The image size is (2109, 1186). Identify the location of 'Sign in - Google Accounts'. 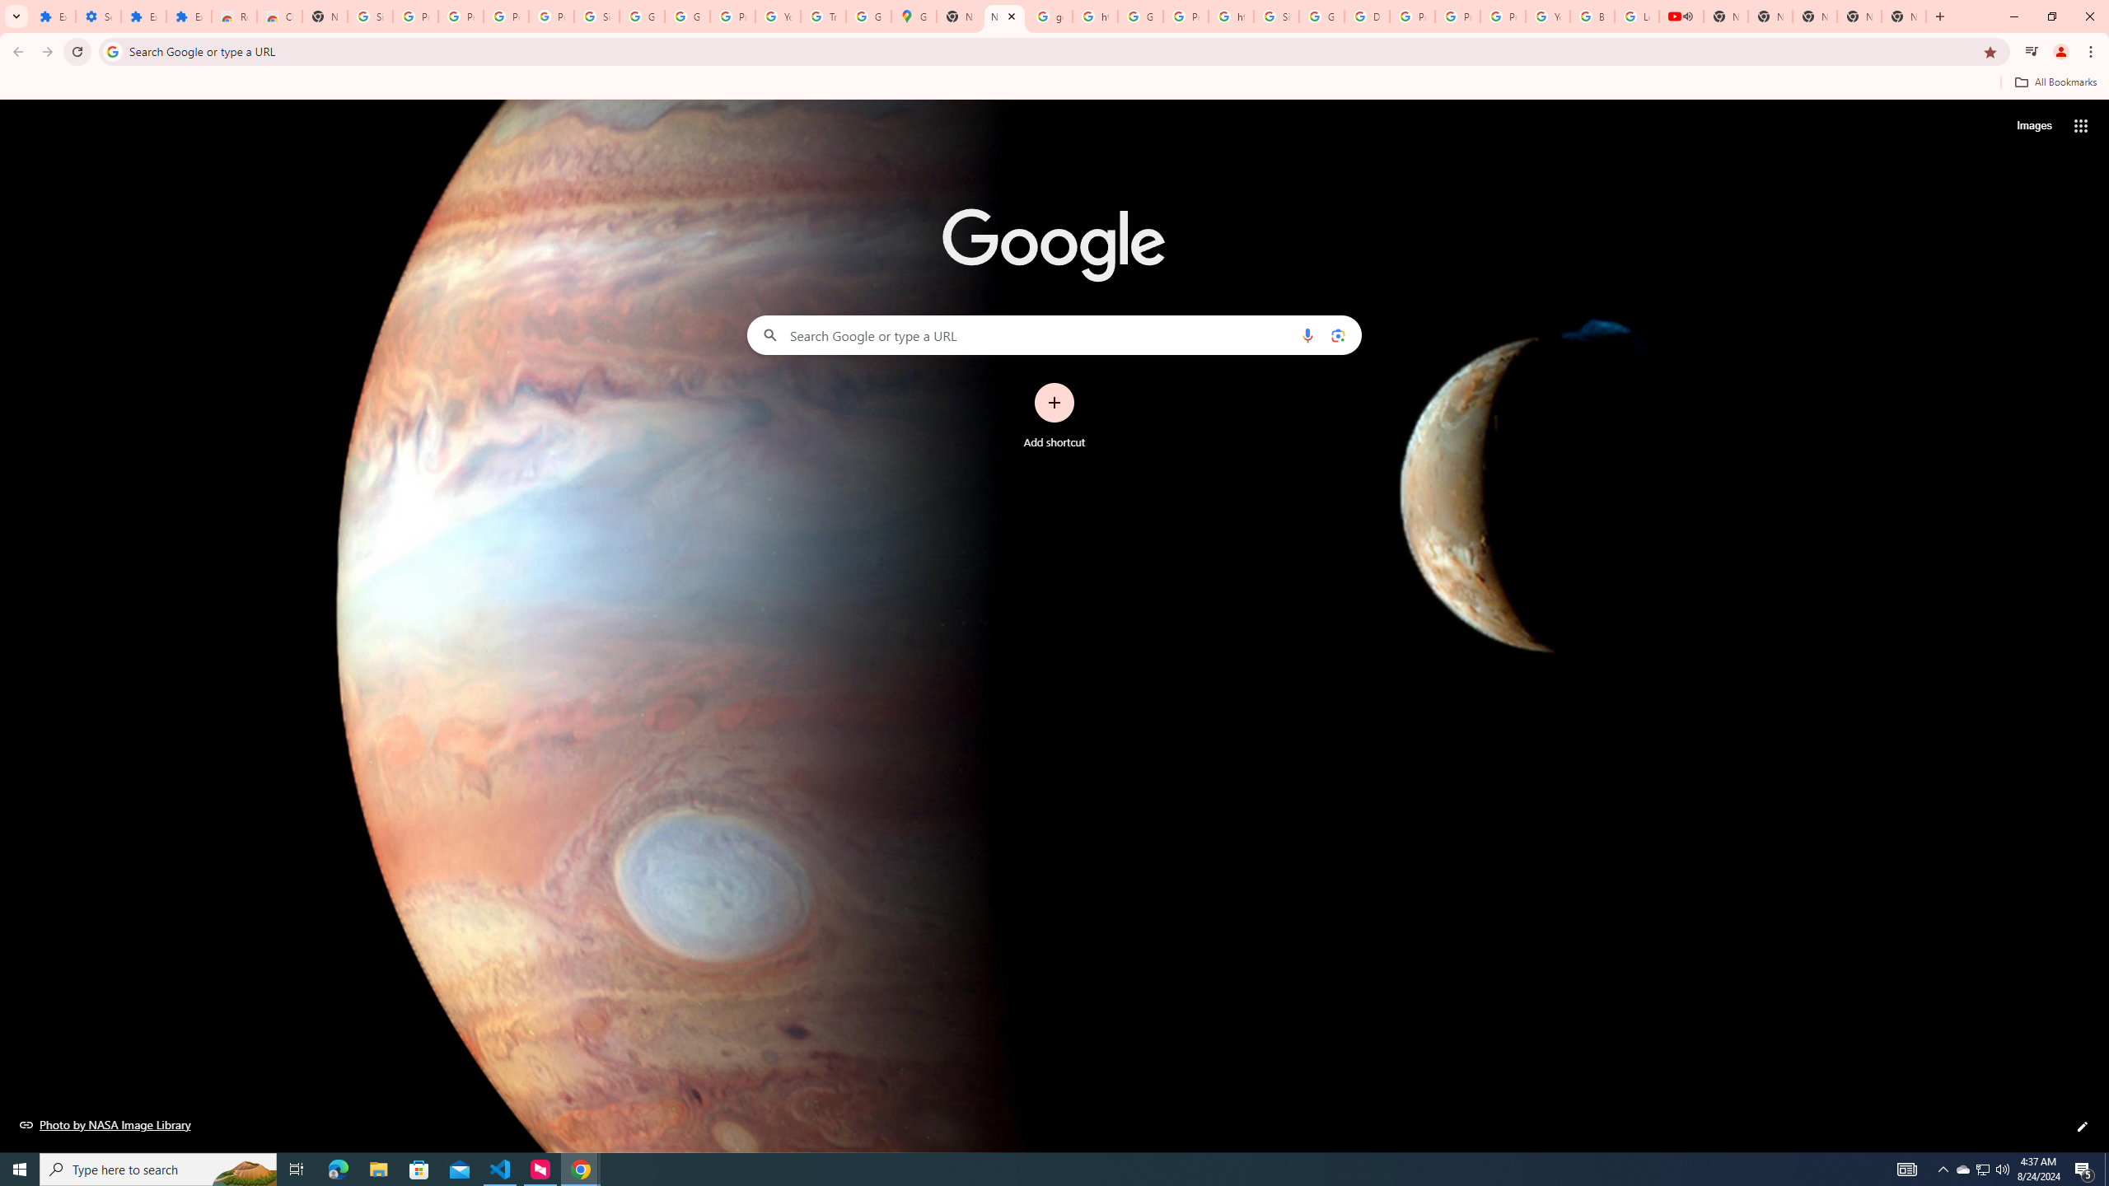
(369, 16).